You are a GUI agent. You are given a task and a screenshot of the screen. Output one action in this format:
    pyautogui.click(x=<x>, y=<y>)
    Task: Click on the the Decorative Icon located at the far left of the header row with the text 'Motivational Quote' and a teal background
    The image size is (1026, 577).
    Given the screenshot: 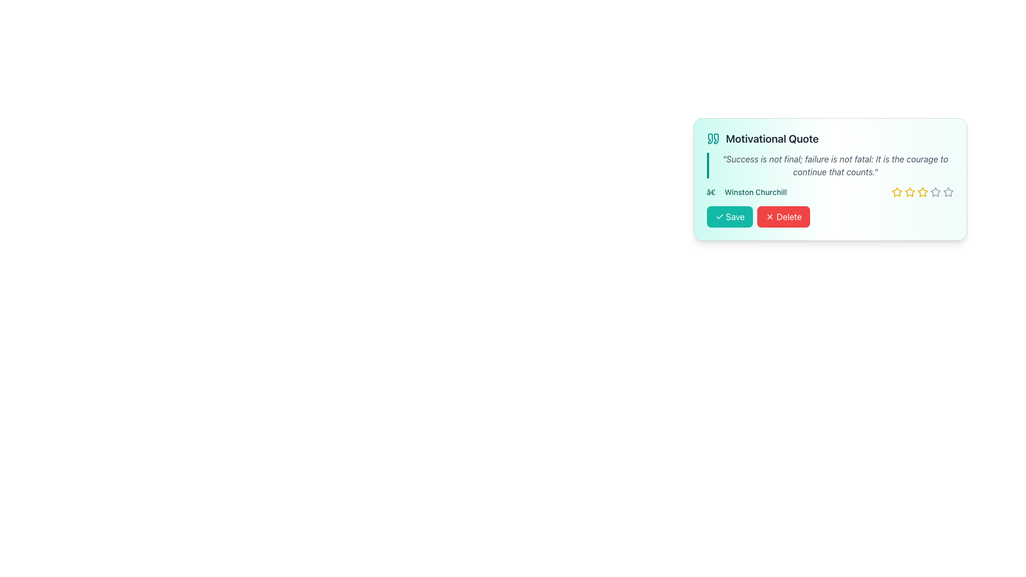 What is the action you would take?
    pyautogui.click(x=713, y=138)
    